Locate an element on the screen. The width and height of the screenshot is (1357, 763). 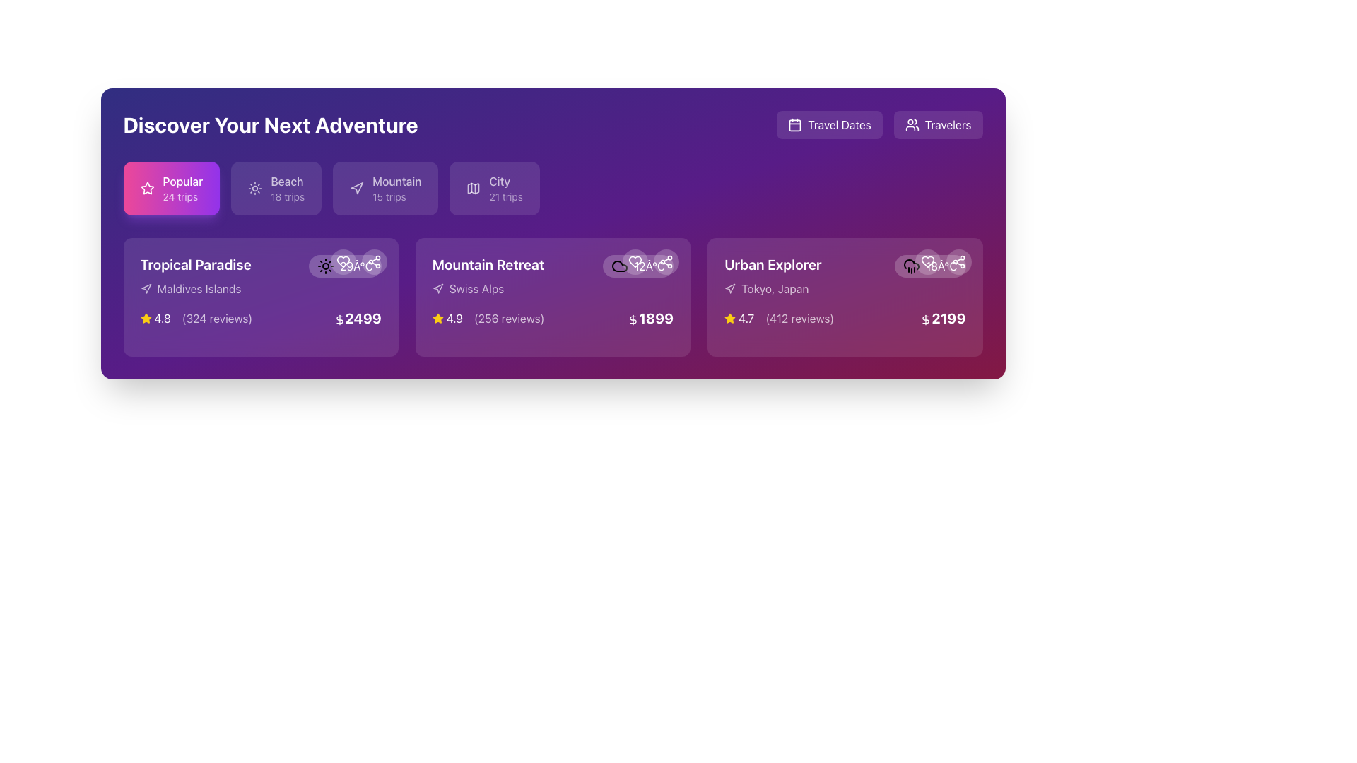
the calendar icon located in the 'Travel Dates' button at the top-right section of the interface is located at coordinates (795, 124).